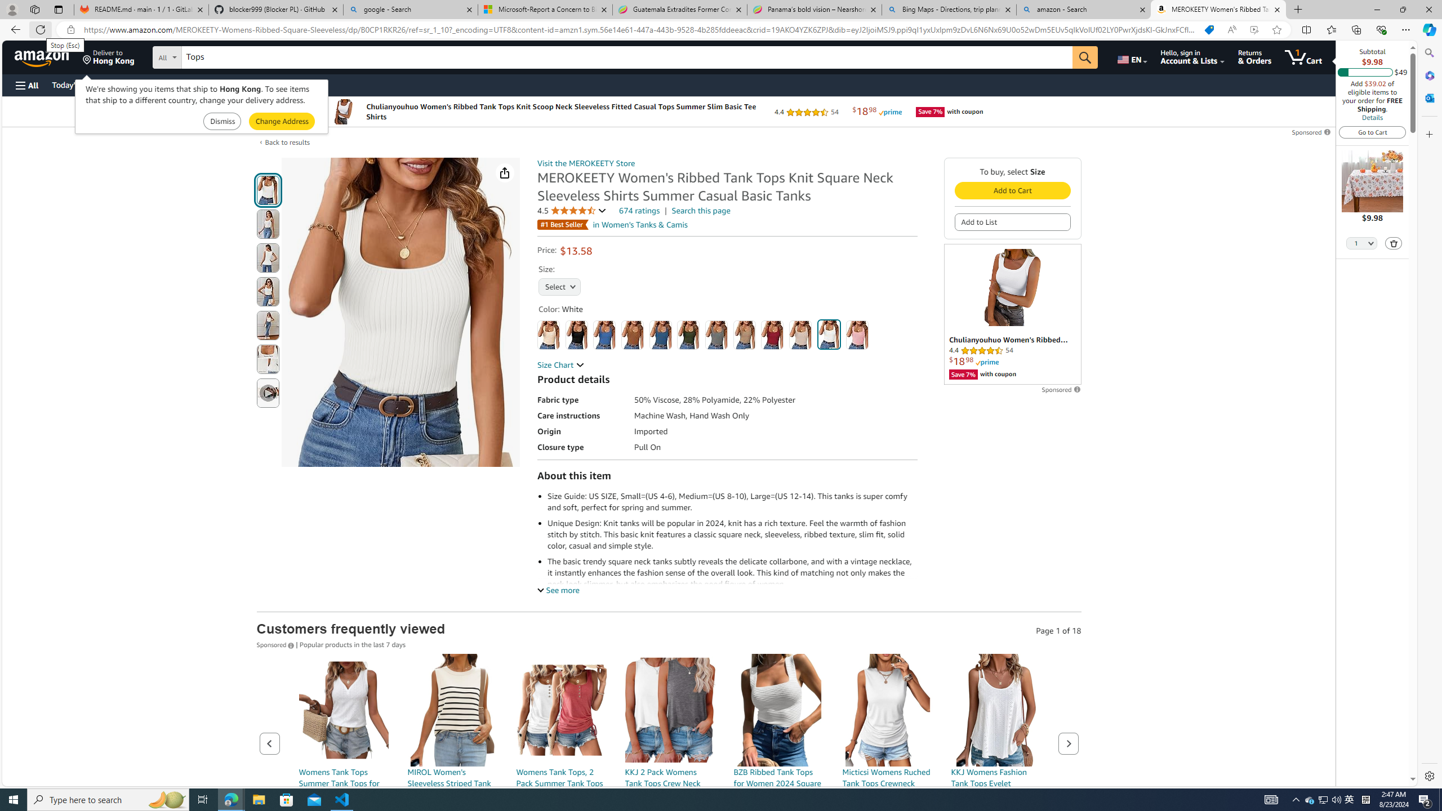 This screenshot has width=1442, height=811. I want to click on 'Green', so click(688, 335).